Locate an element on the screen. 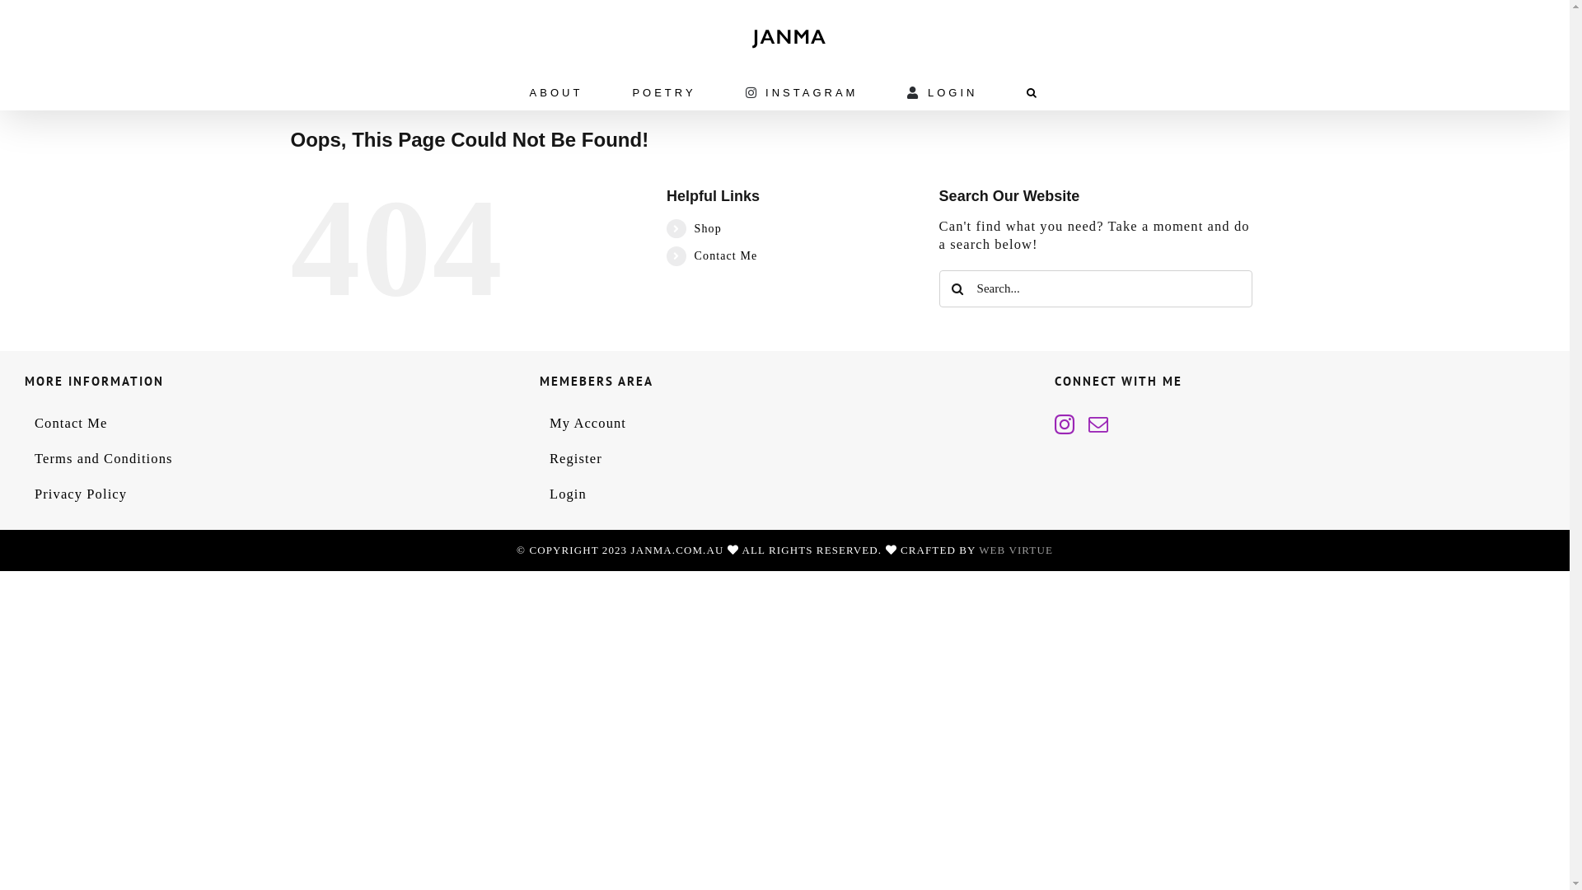  'Shop' is located at coordinates (695, 228).